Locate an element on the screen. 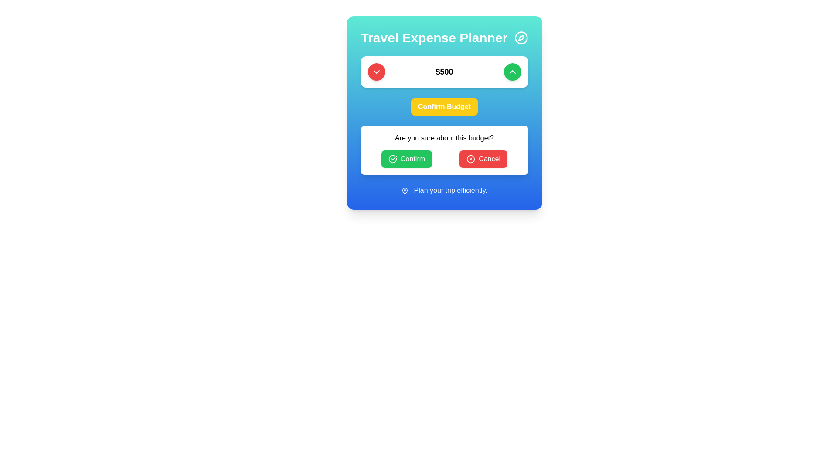 This screenshot has height=471, width=837. the green rectangular 'Confirm' button with rounded corners and a checkmark icon to confirm the action is located at coordinates (406, 159).